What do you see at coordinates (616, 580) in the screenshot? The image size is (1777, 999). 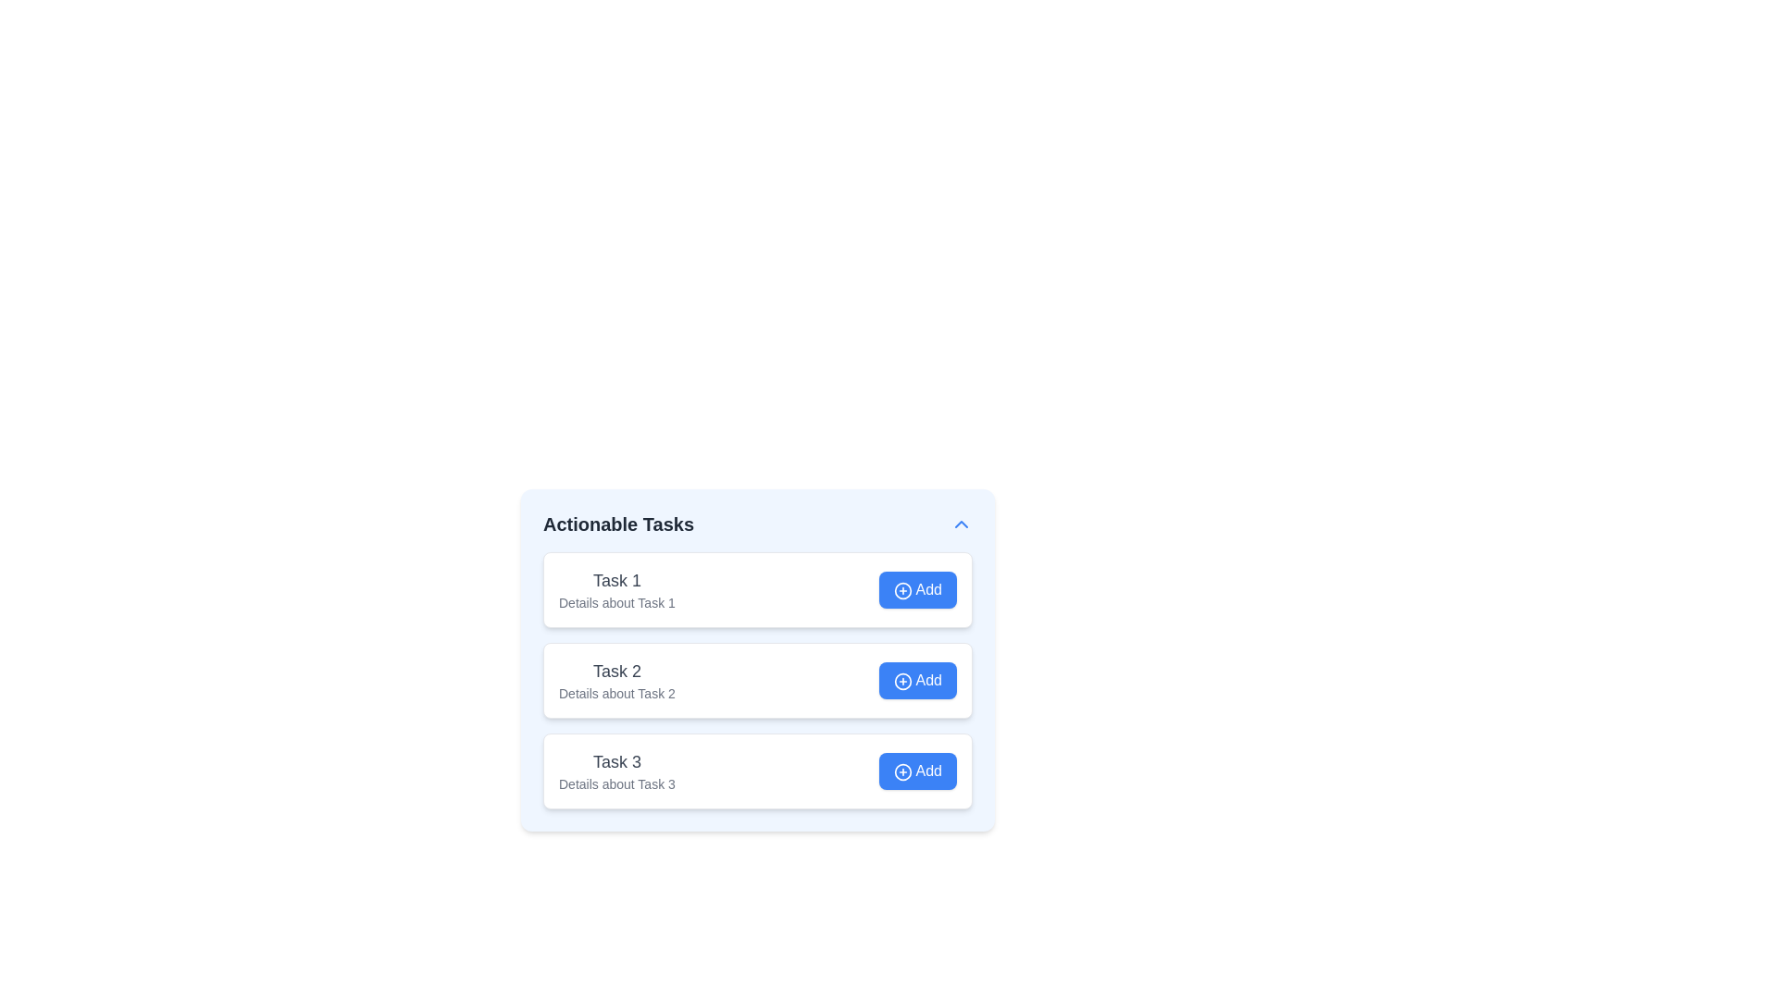 I see `the text label located within the first card under the 'Actionable Tasks' section, positioned above the smaller descriptive text and aligned to the left` at bounding box center [616, 580].